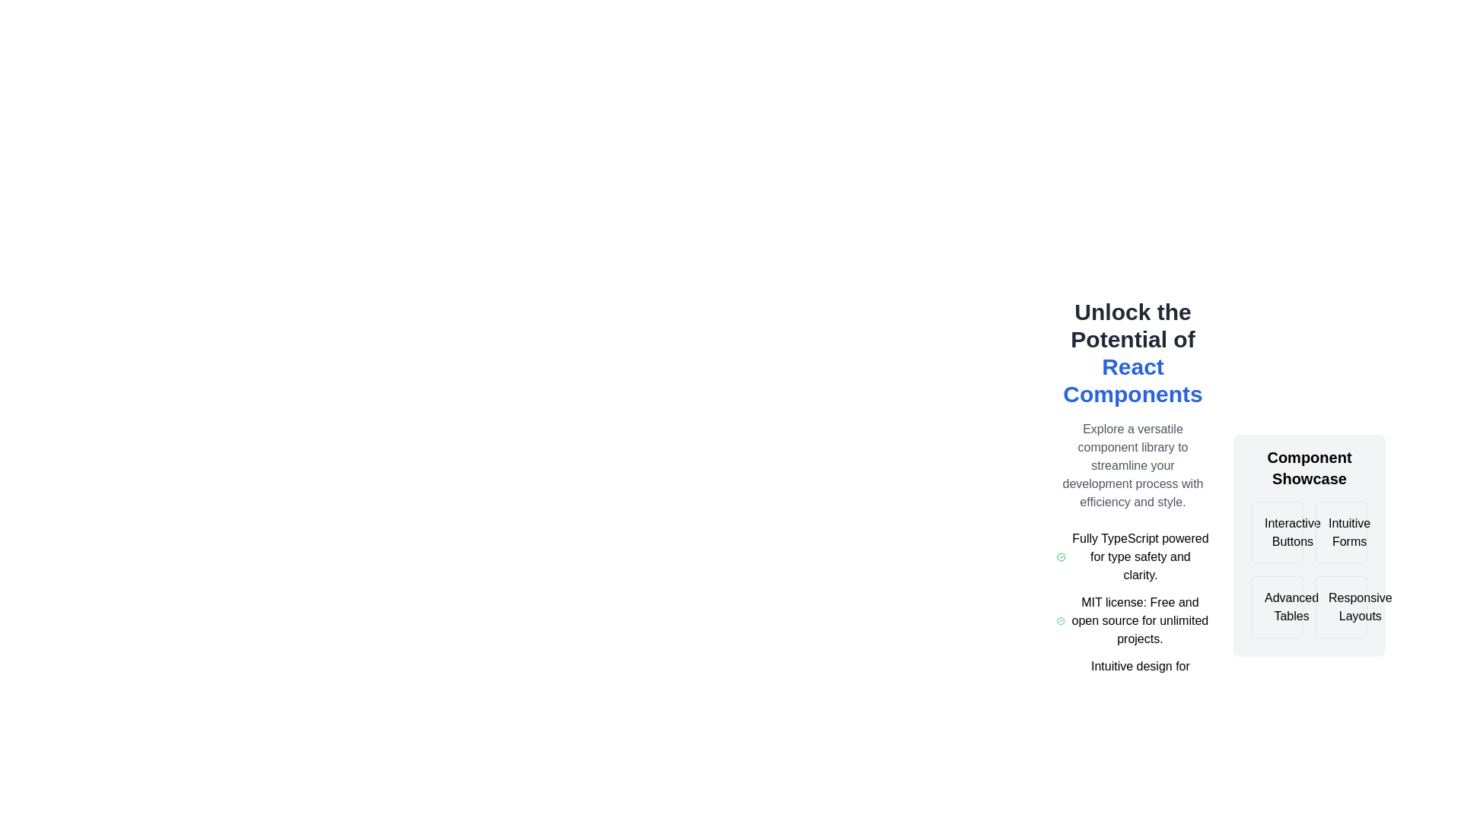 Image resolution: width=1461 pixels, height=821 pixels. What do you see at coordinates (1132, 621) in the screenshot?
I see `informational label about the software being free and open source under the MIT license, which is the second item in a vertical group of informational points` at bounding box center [1132, 621].